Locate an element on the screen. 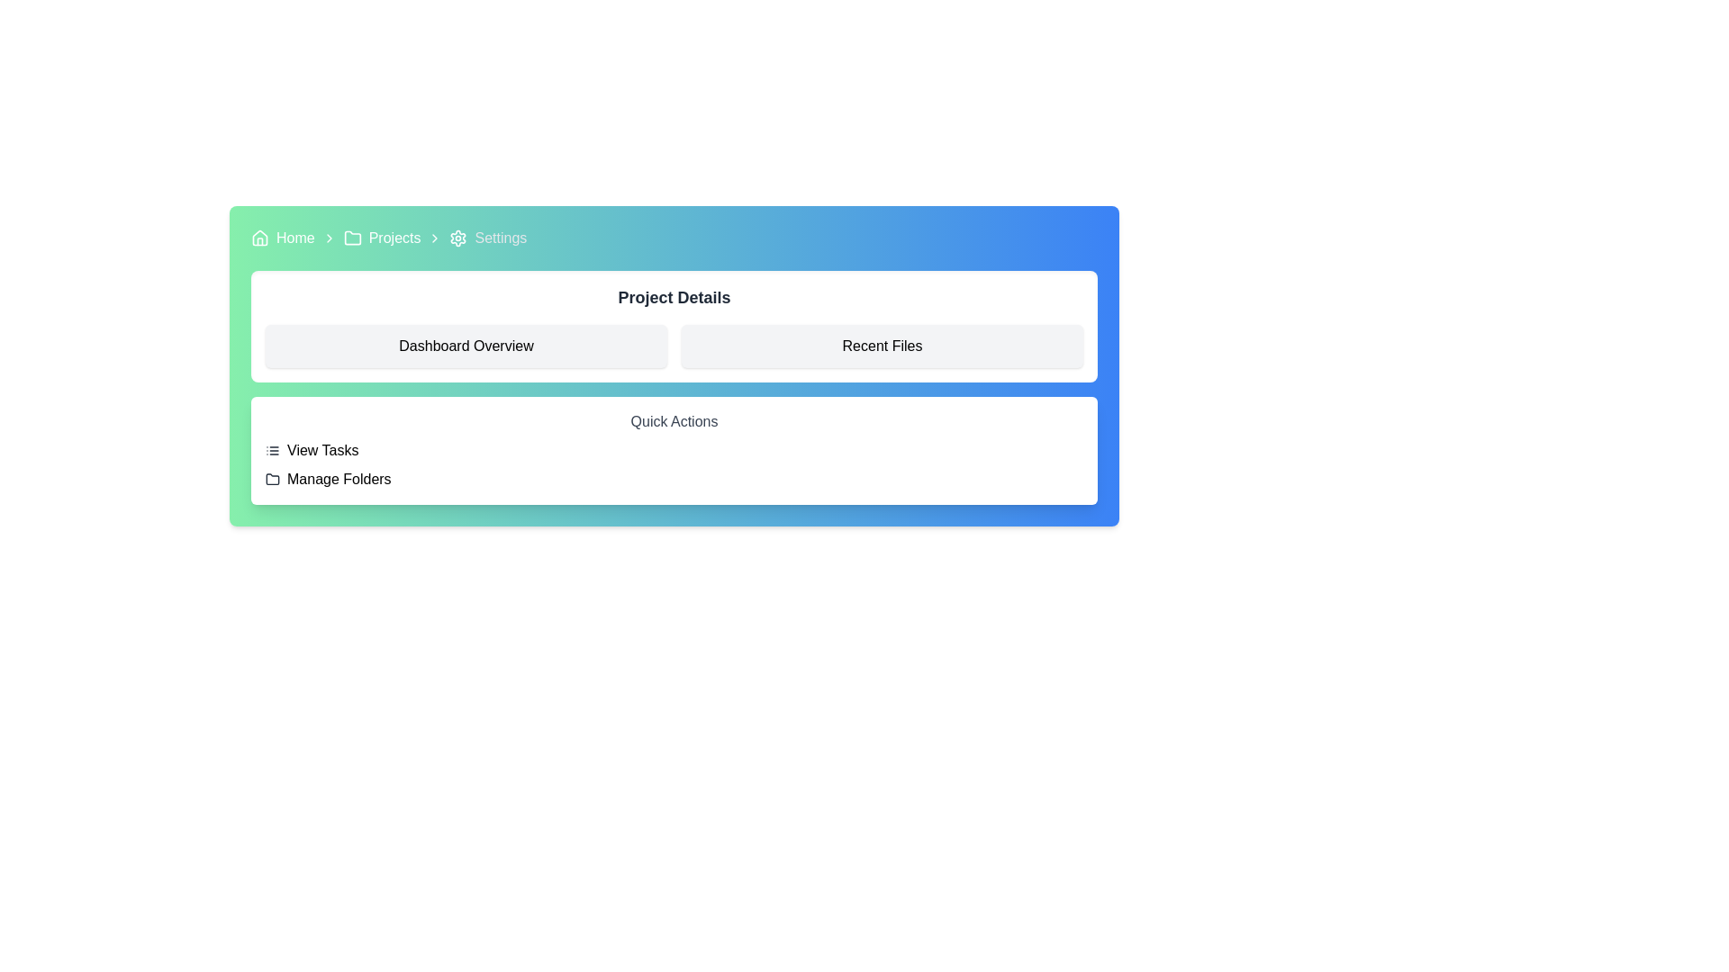 Image resolution: width=1729 pixels, height=972 pixels. text 'Dashboard Overview' from the heading block, which is a light gray rectangular block with rounded corners located in the top-left section of the grid layout is located at coordinates (466, 346).